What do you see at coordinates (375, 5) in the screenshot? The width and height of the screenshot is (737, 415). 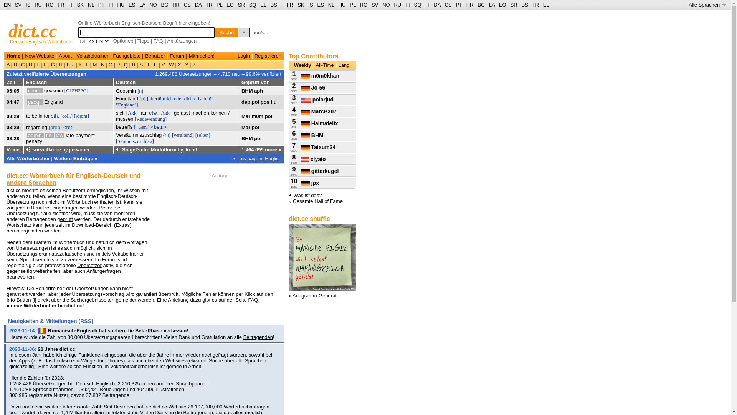 I see `'SV'` at bounding box center [375, 5].